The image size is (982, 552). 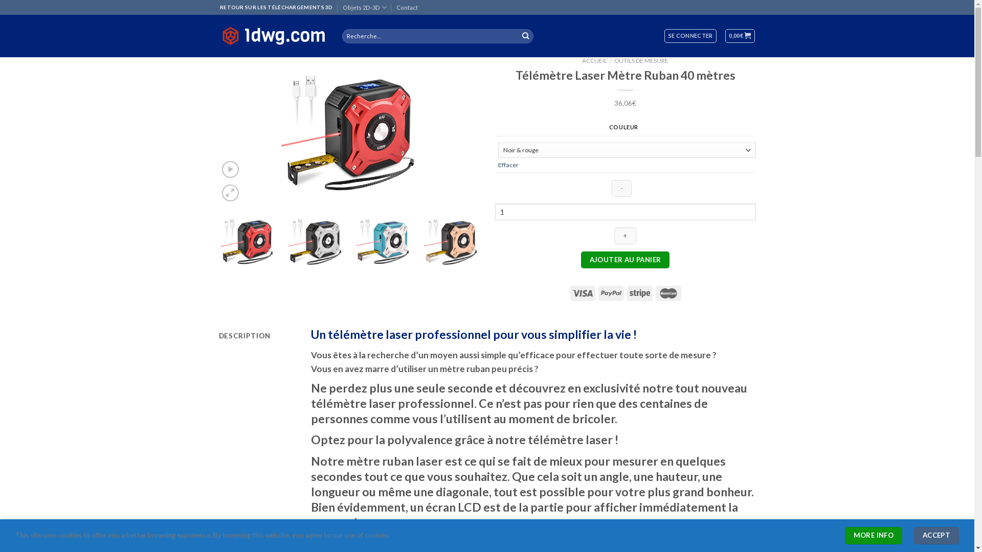 I want to click on '1DWG Boutique', so click(x=273, y=35).